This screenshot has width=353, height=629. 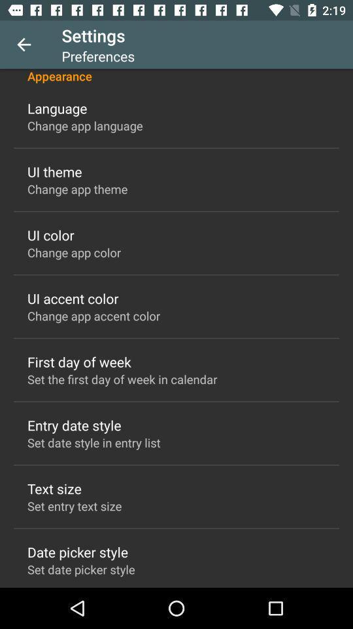 I want to click on the ui theme icon, so click(x=54, y=171).